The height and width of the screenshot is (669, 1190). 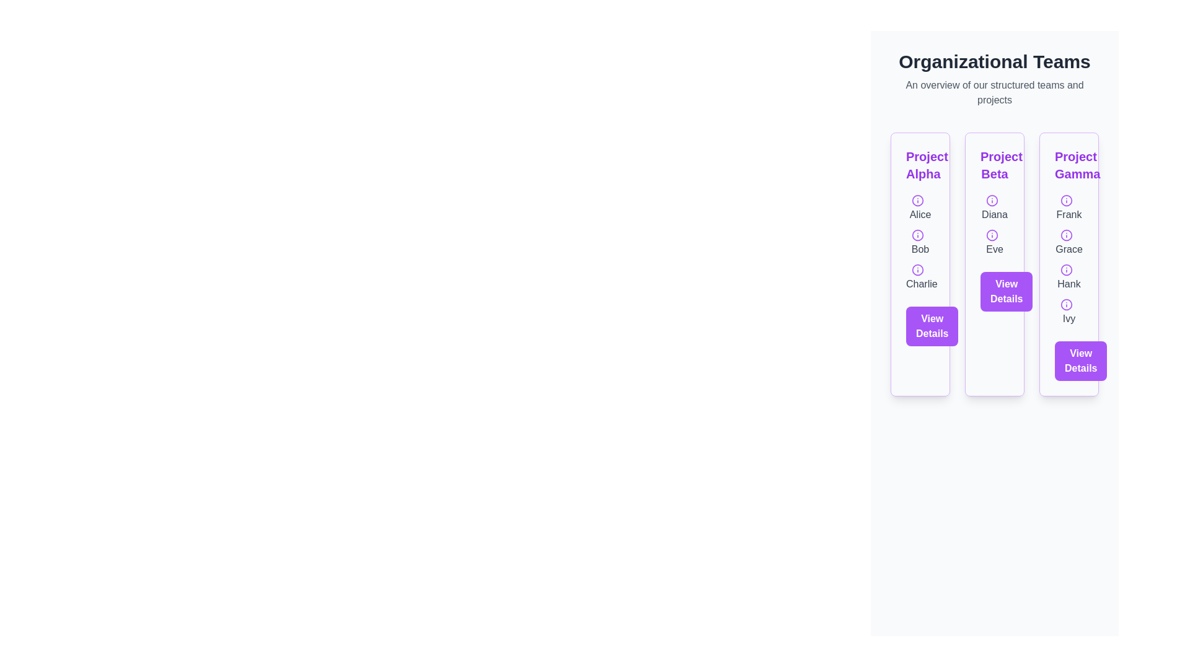 What do you see at coordinates (1068, 310) in the screenshot?
I see `the text label displaying the name under the 'Project Gamma' category, located at the bottom of the column before the 'View Details' button` at bounding box center [1068, 310].